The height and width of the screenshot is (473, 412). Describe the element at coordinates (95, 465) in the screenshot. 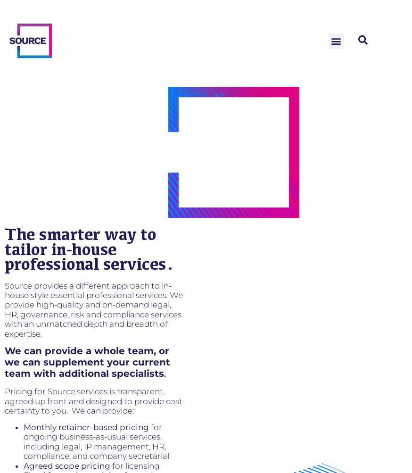

I see `'pricing'` at that location.